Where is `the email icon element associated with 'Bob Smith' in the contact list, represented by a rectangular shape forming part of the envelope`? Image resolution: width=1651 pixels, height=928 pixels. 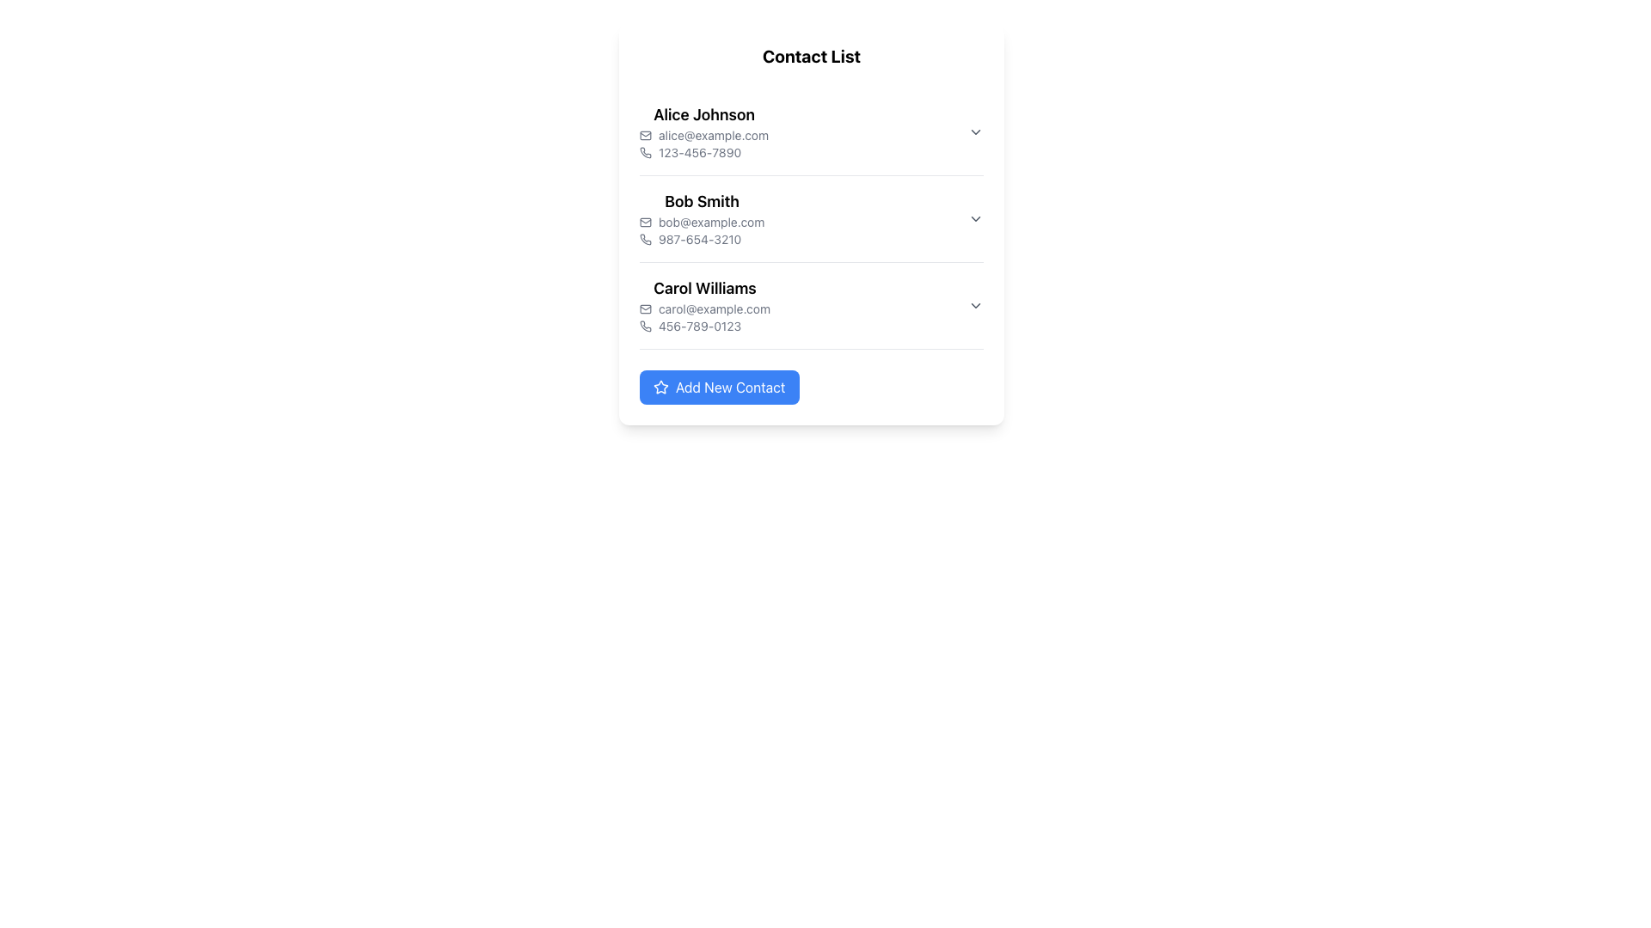 the email icon element associated with 'Bob Smith' in the contact list, represented by a rectangular shape forming part of the envelope is located at coordinates (644, 221).